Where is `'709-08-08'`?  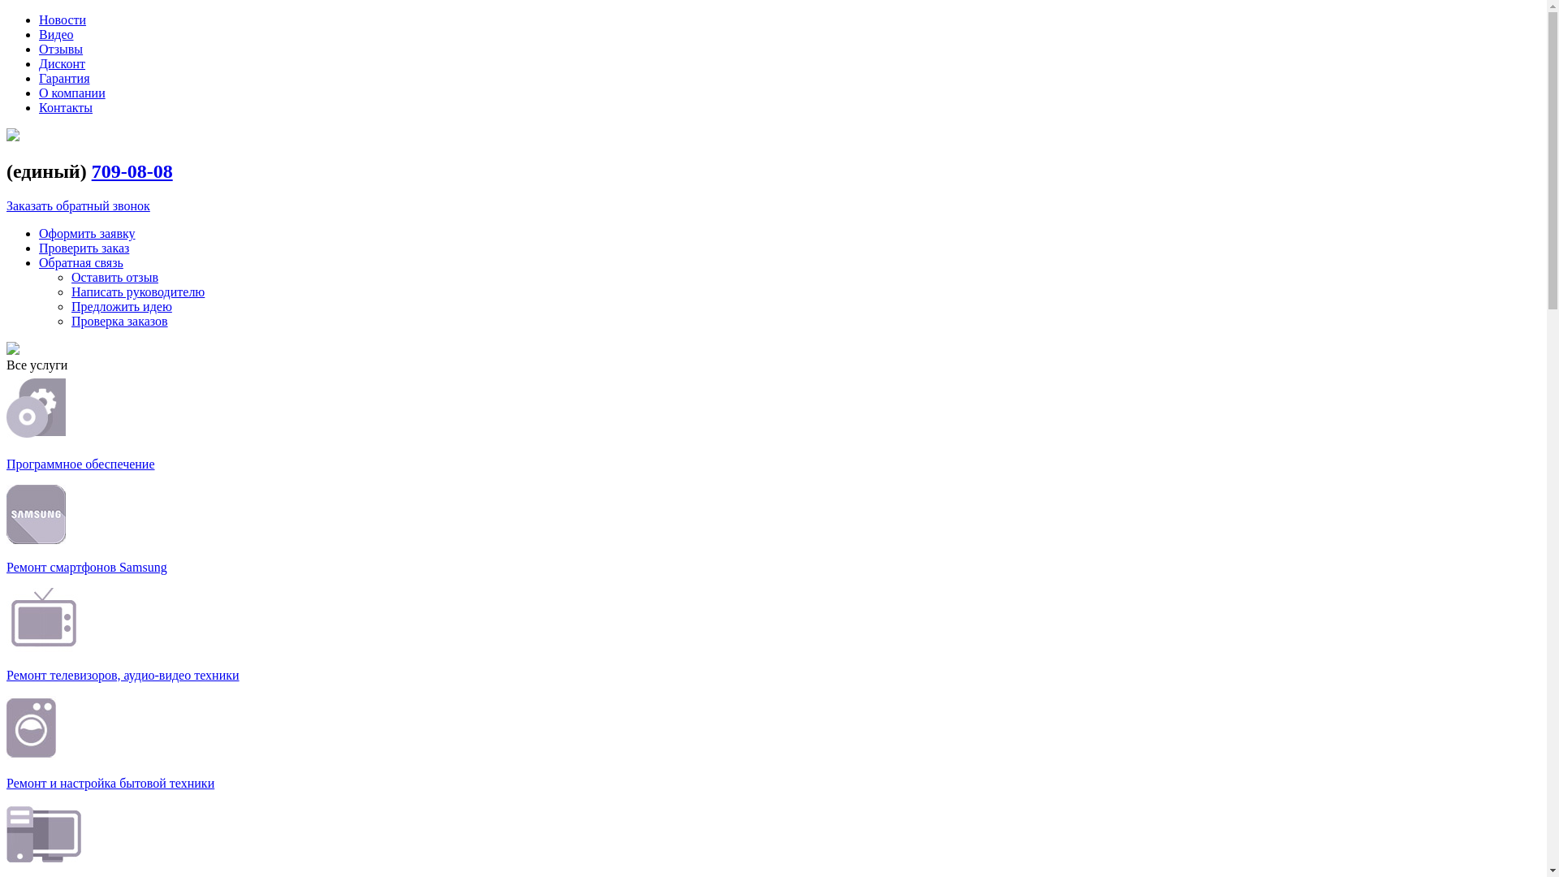
'709-08-08' is located at coordinates (132, 171).